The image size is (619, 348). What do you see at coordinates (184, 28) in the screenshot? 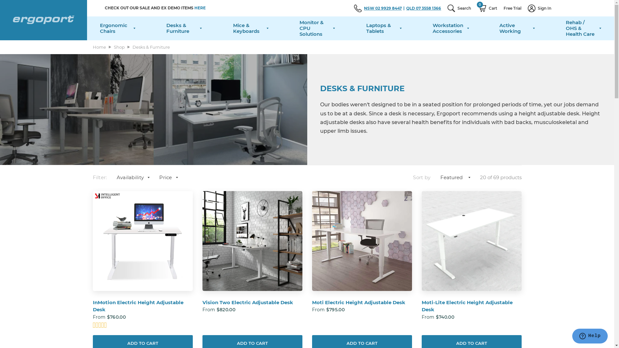
I see `'Desks & Furniture'` at bounding box center [184, 28].